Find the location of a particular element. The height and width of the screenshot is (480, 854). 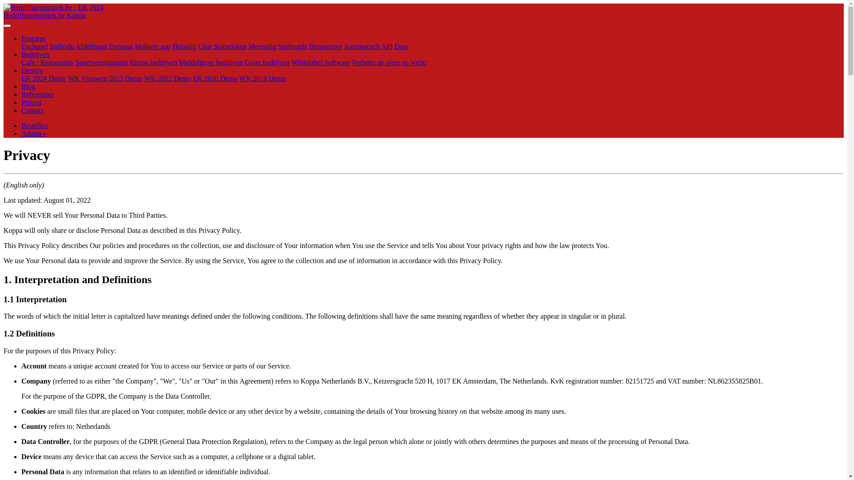

'Statistieken' is located at coordinates (230, 46).